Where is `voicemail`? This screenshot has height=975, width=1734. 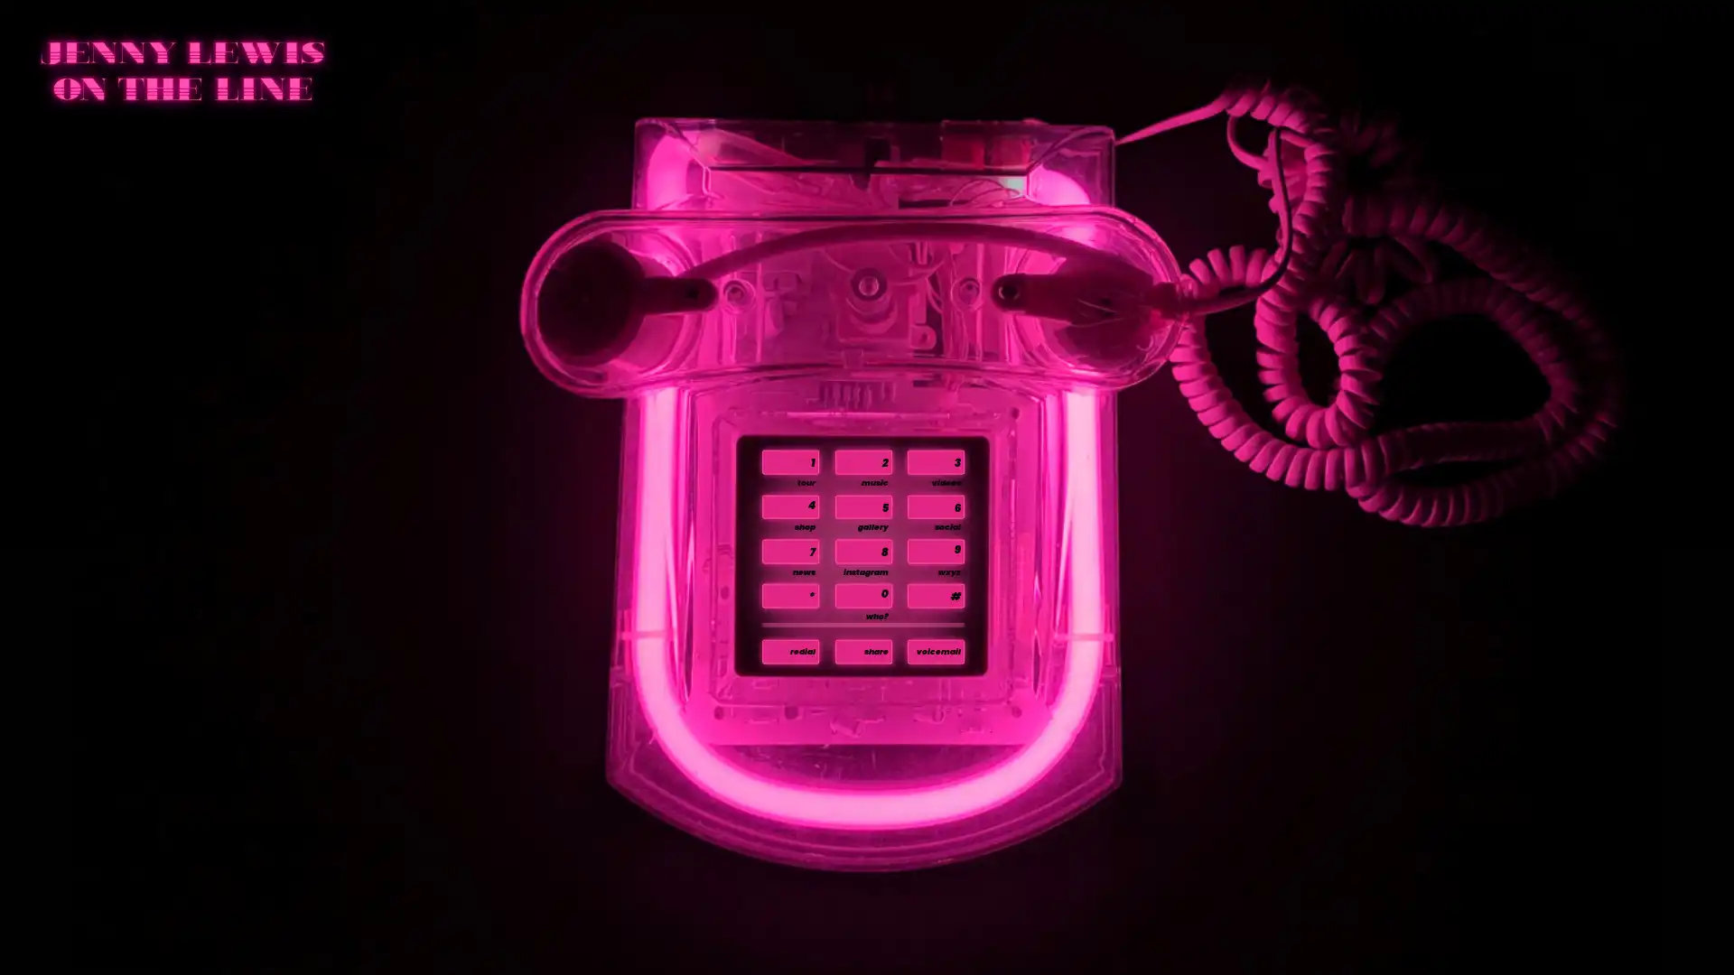
voicemail is located at coordinates (935, 651).